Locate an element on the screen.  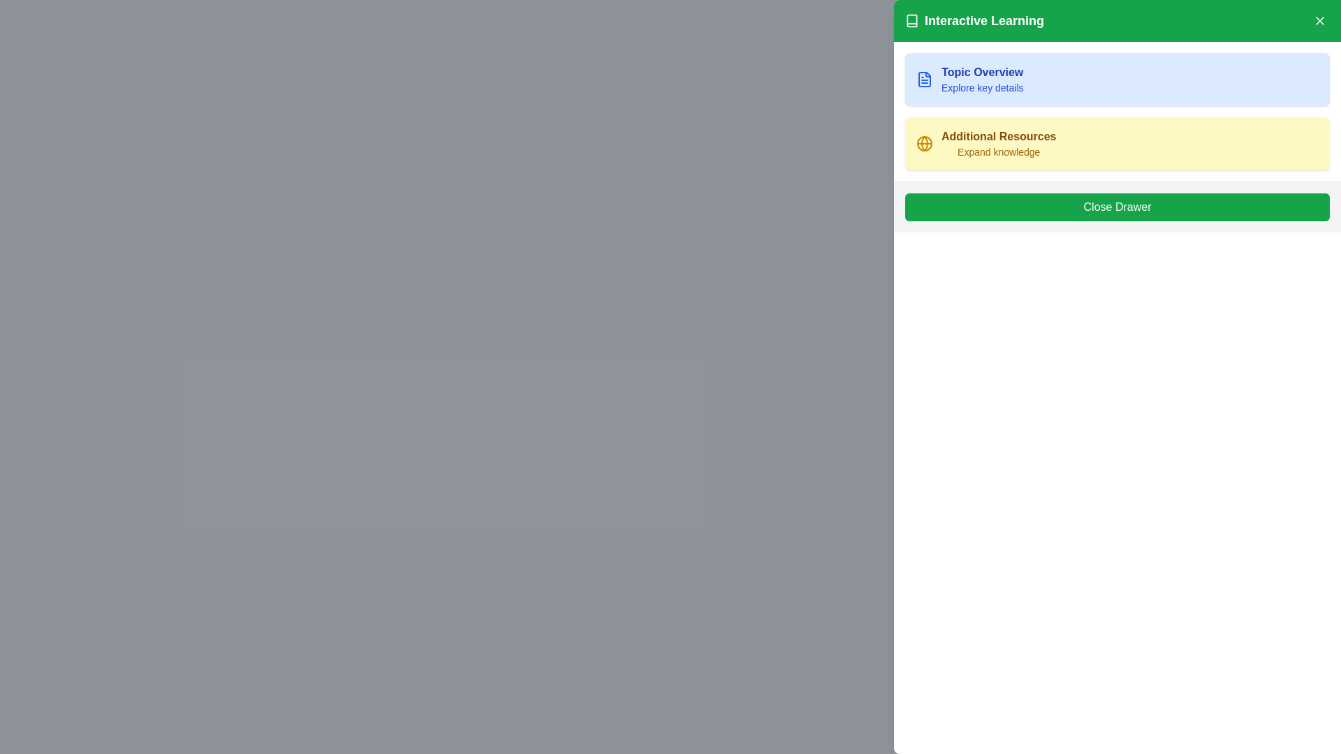
heading text element located in the second card-like section of the sidebar, below the 'Topic Overview' heading, which serves as the title for the section above the subtitle 'Expand knowledge' is located at coordinates (998, 137).